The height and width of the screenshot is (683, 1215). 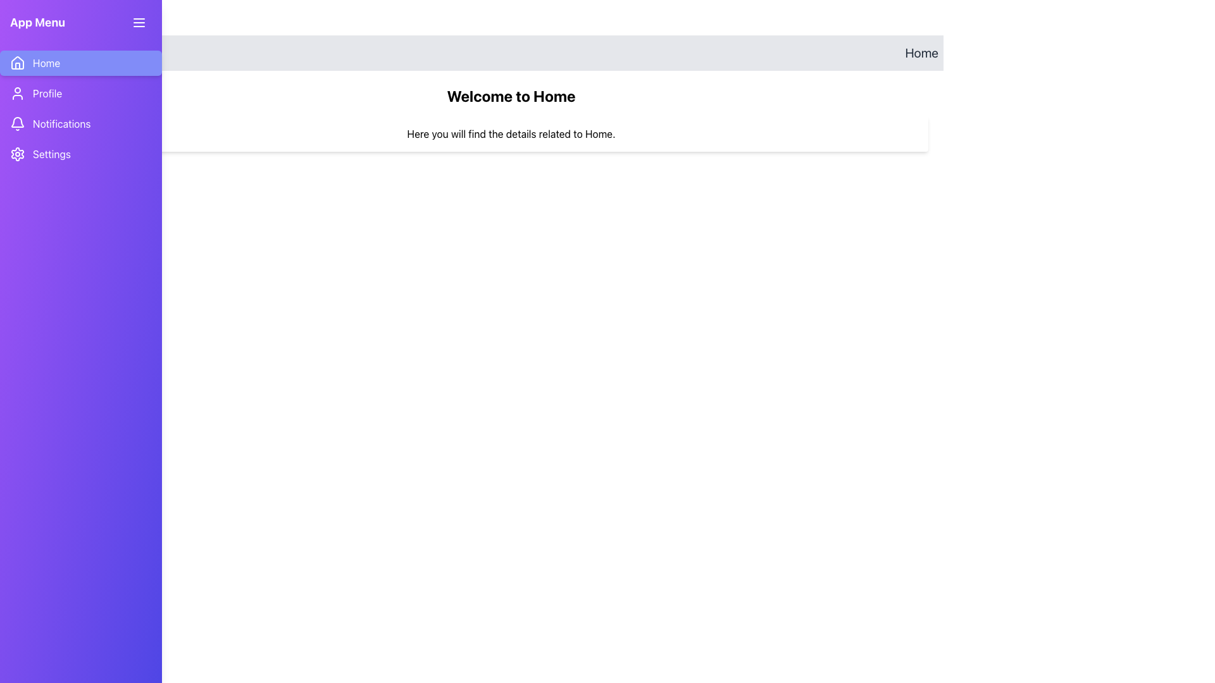 What do you see at coordinates (18, 124) in the screenshot?
I see `the bell-shaped icon in the Notifications menu item, which is white against a purple background and is the only icon in that section` at bounding box center [18, 124].